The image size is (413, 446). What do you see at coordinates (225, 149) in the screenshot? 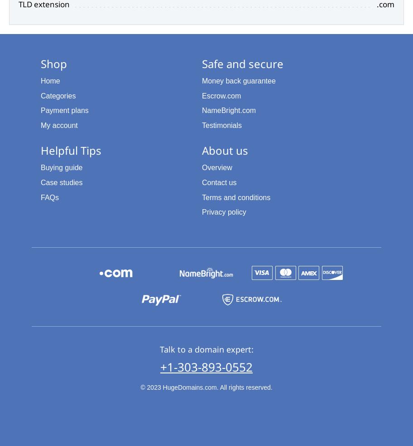
I see `'About us'` at bounding box center [225, 149].